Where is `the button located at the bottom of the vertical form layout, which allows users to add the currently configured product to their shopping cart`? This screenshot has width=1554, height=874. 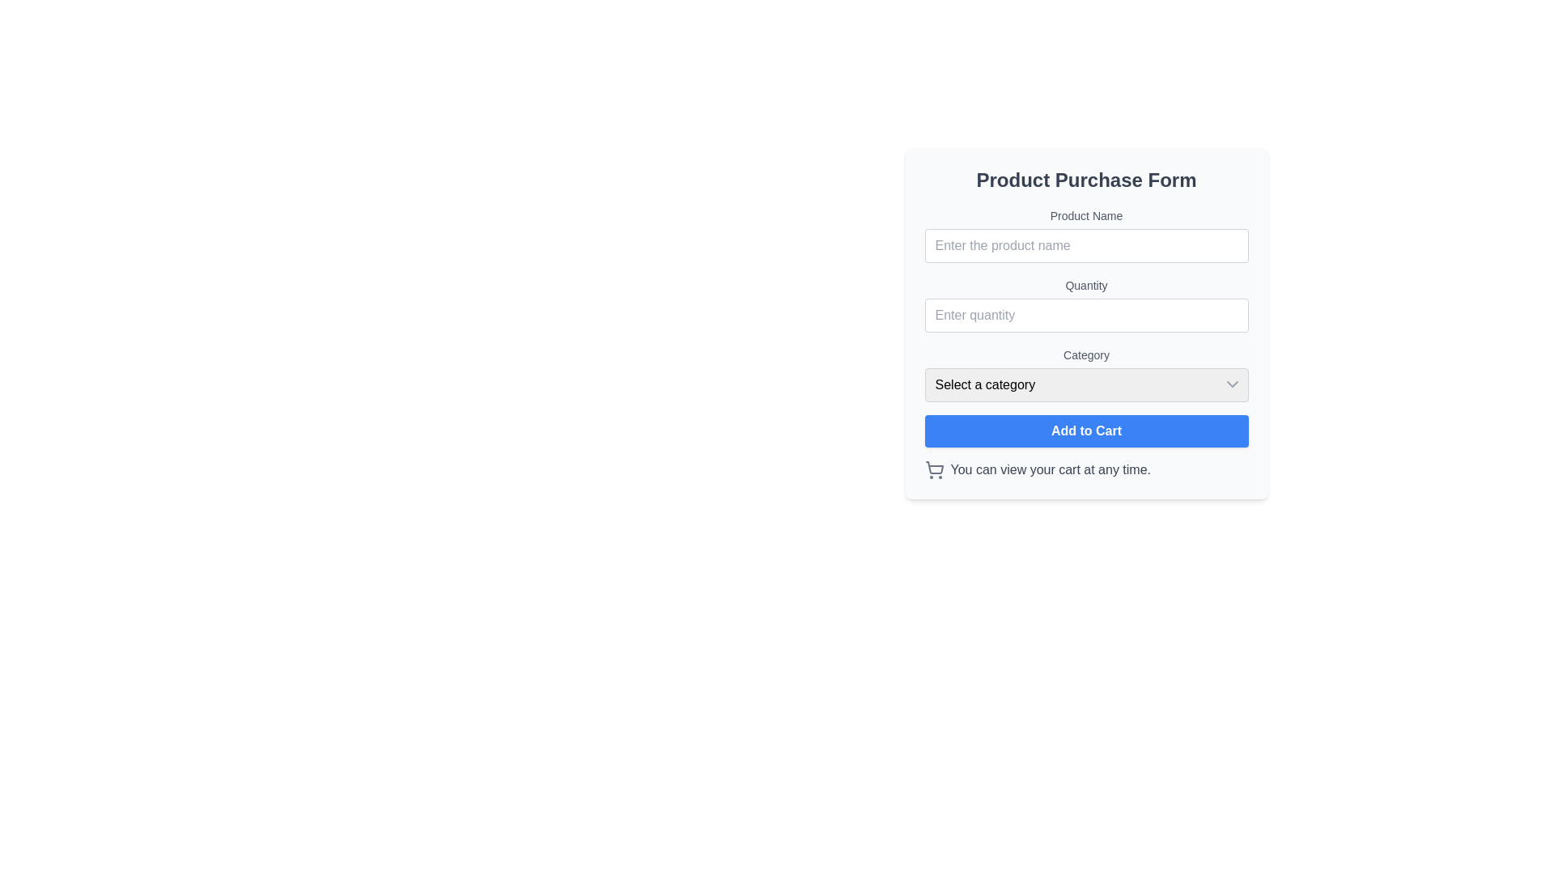
the button located at the bottom of the vertical form layout, which allows users to add the currently configured product to their shopping cart is located at coordinates (1086, 430).